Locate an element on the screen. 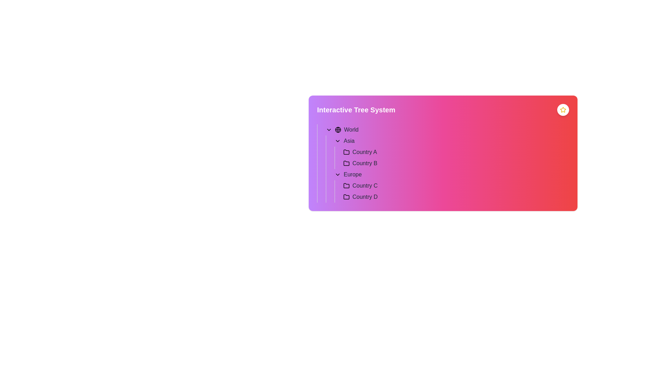 The image size is (672, 378). the folder icon representing 'Country A' under the 'Asia' section to expand or collapse it is located at coordinates (346, 152).